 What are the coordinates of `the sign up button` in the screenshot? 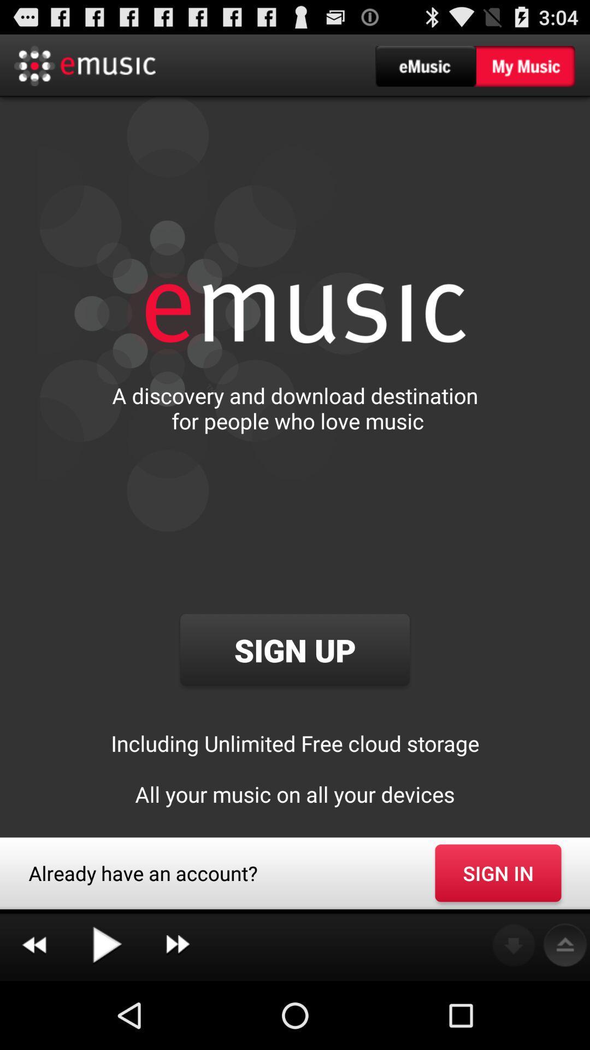 It's located at (295, 650).